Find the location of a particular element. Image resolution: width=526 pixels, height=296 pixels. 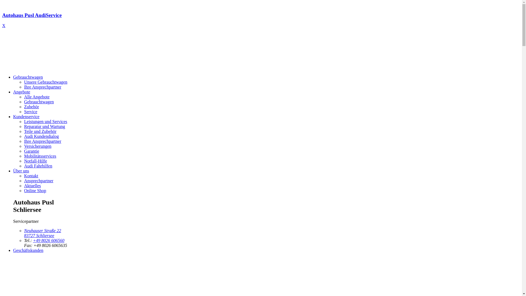

'Kundenservice' is located at coordinates (26, 116).